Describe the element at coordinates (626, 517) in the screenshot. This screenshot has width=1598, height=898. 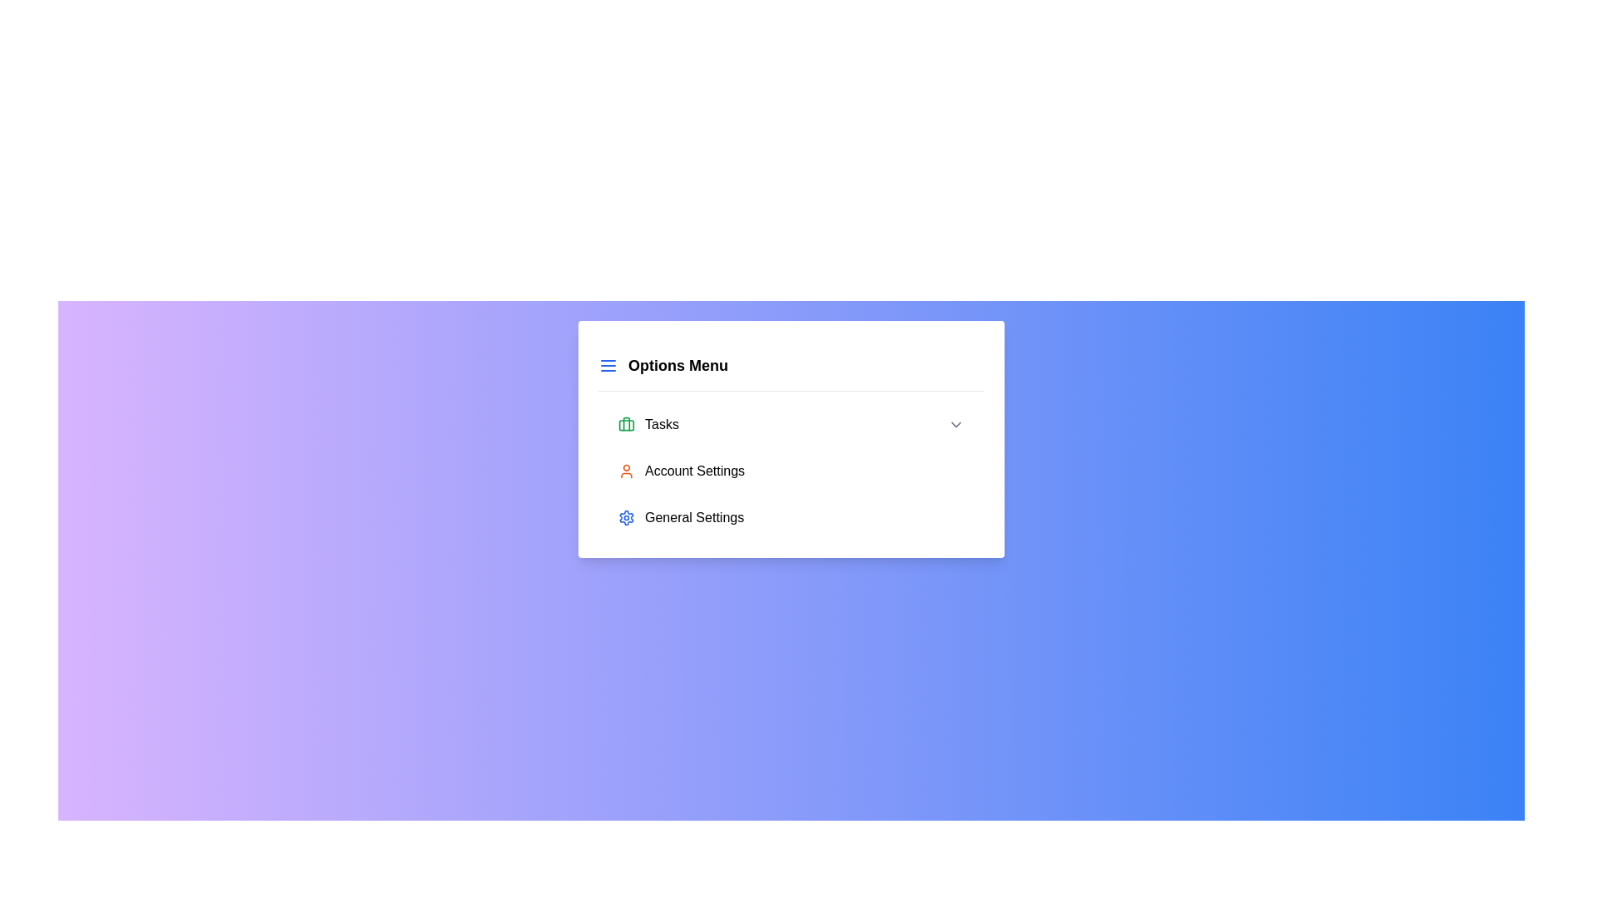
I see `the gear-shaped icon with a blue outline located to the left of the 'General Settings' text label` at that location.